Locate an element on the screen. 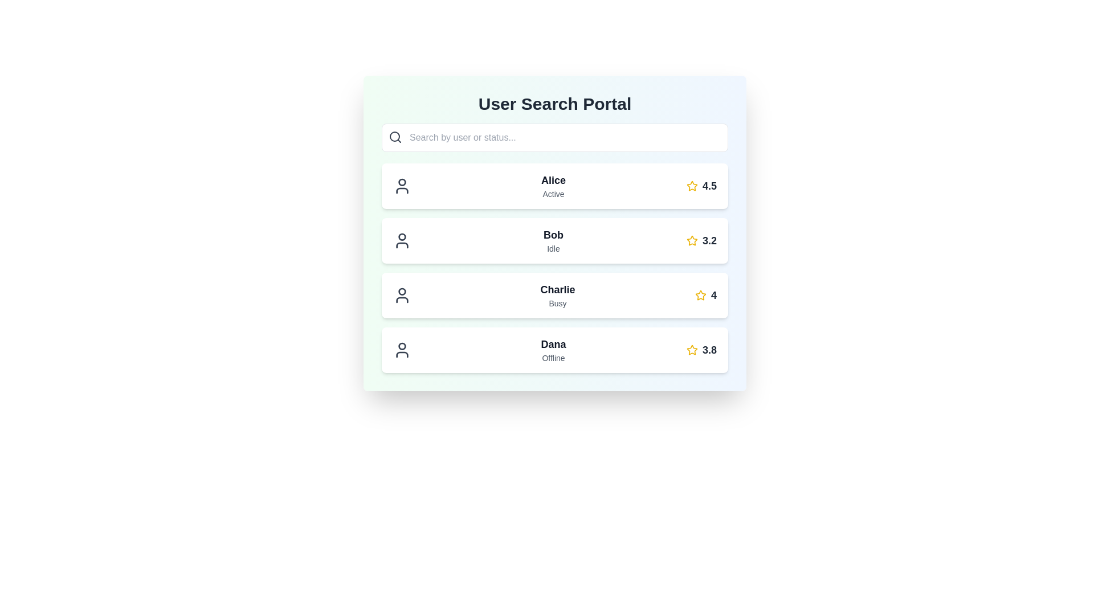  the bold numeric character '4' displayed in a large font size, styled with a gray-black color, located in the third row associated with the user 'Charlie', to the right of a yellow star icon is located at coordinates (713, 295).